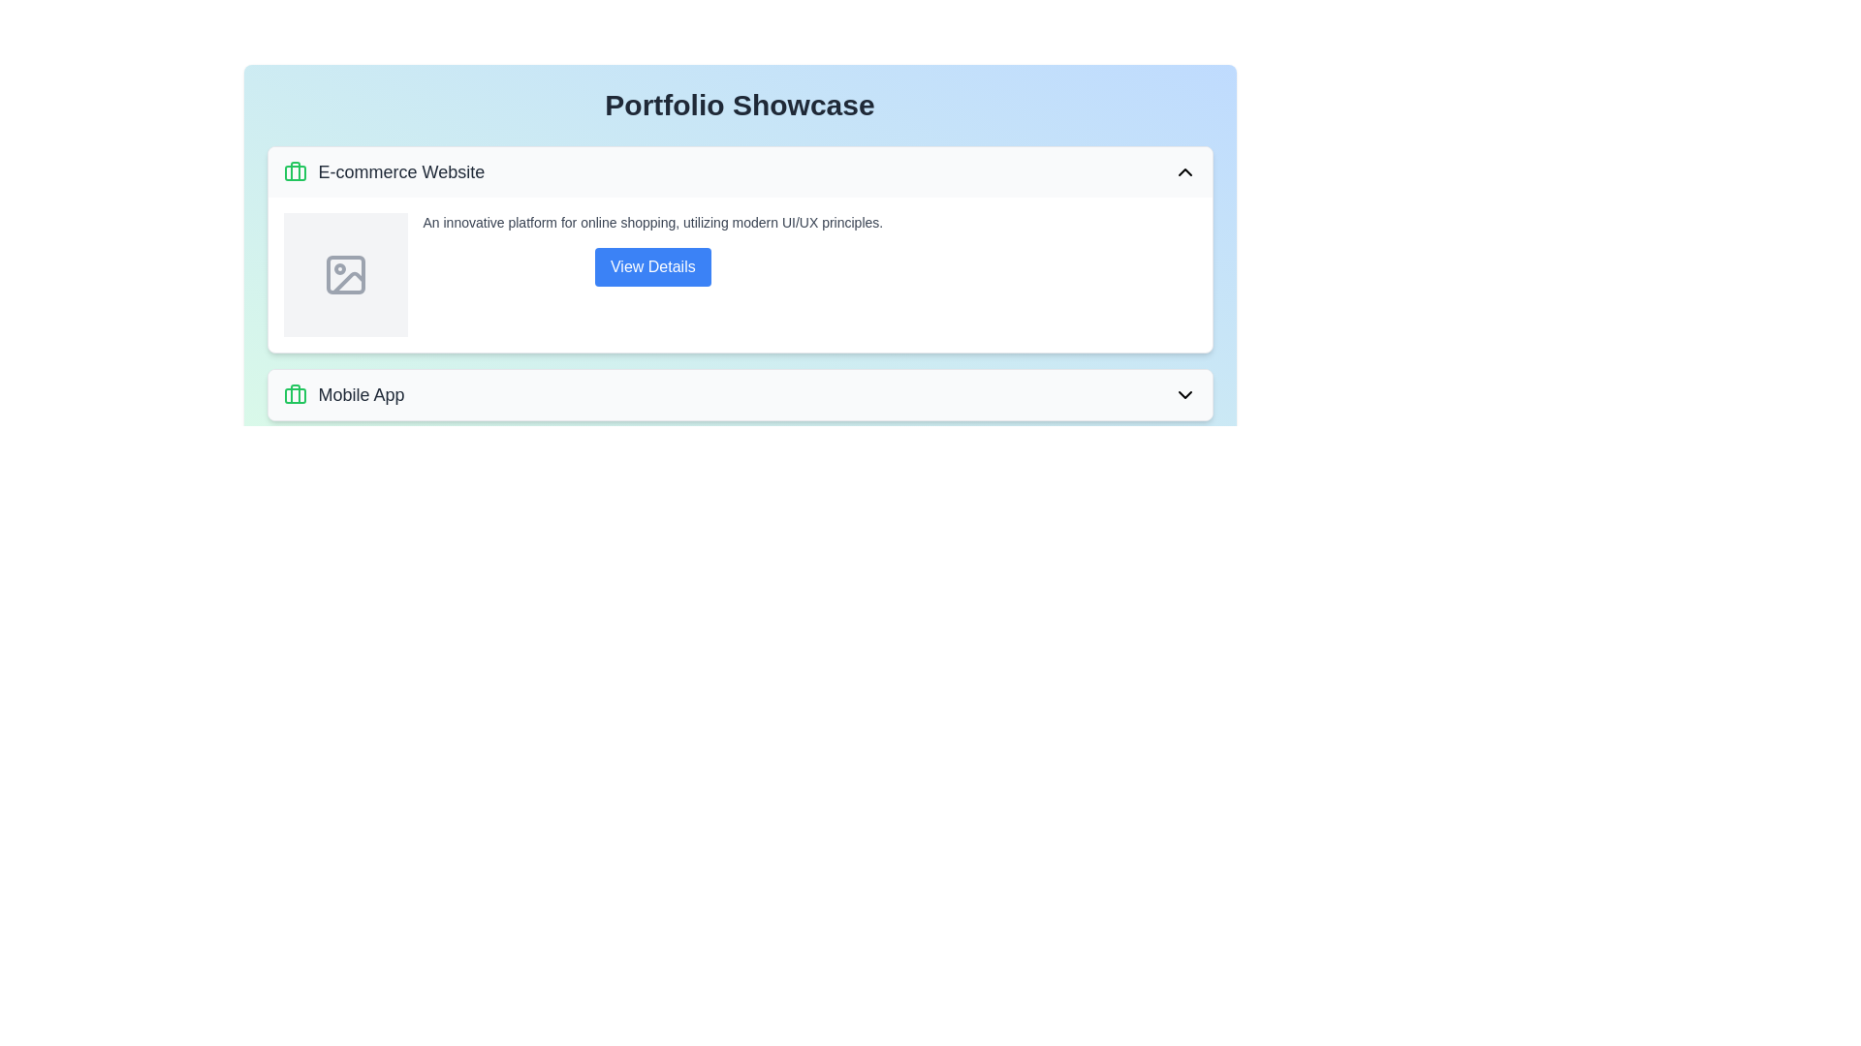 Image resolution: width=1861 pixels, height=1046 pixels. Describe the element at coordinates (400, 170) in the screenshot. I see `the text label displaying 'E-commerce Website', which is styled with medium font weight and large text size, located to the right of a green briefcase icon at the top of the portfolio entry` at that location.